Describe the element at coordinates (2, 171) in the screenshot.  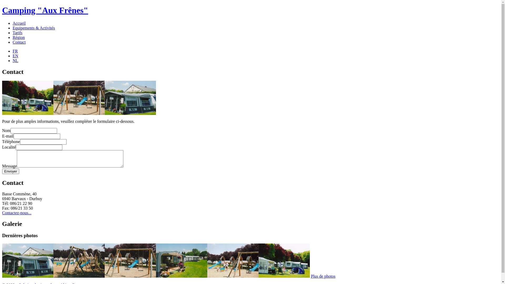
I see `'Envoyer'` at that location.